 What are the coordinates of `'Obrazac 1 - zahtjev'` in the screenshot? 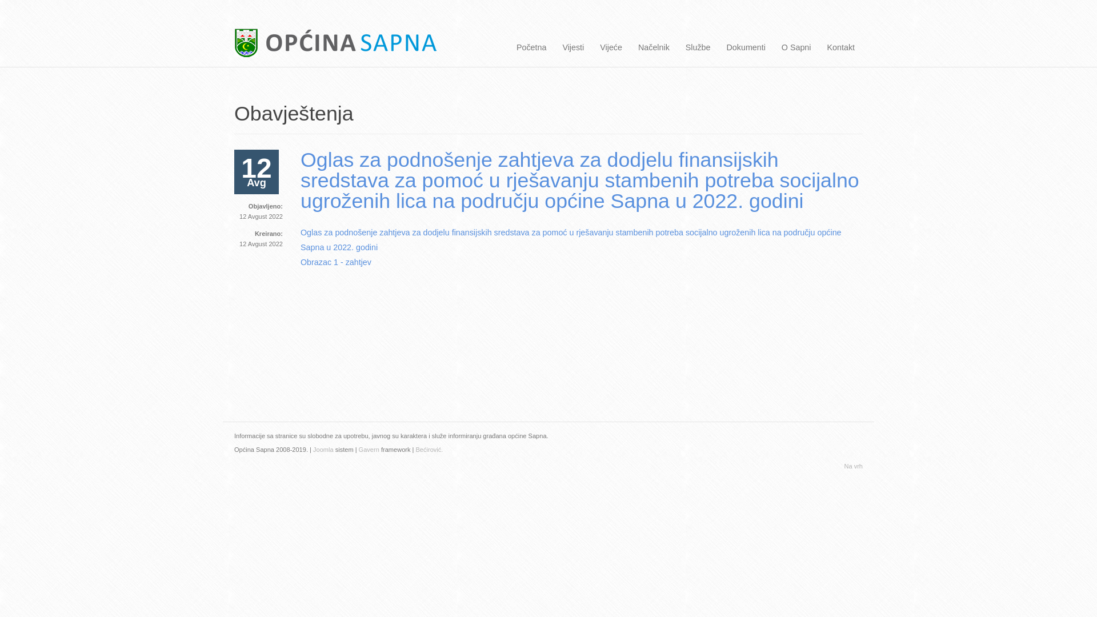 It's located at (335, 262).